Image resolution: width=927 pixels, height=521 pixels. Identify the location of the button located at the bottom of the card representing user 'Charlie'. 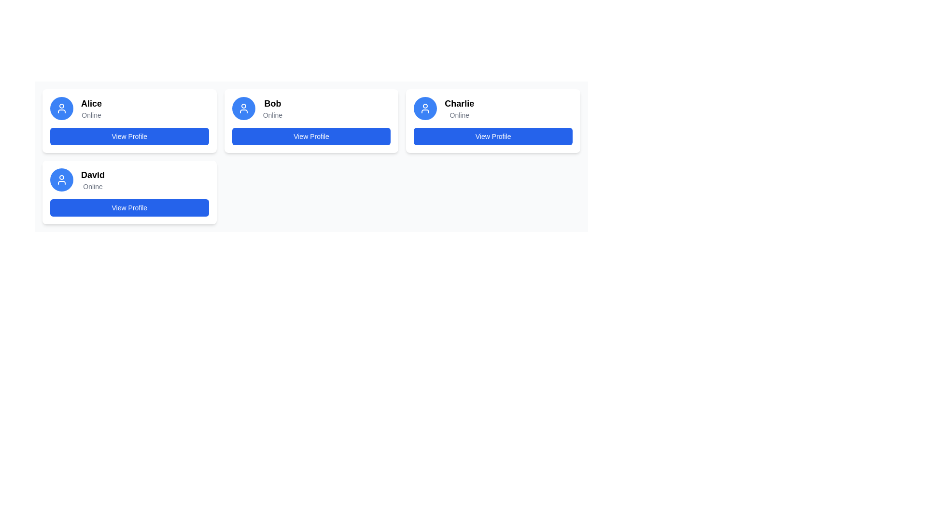
(493, 136).